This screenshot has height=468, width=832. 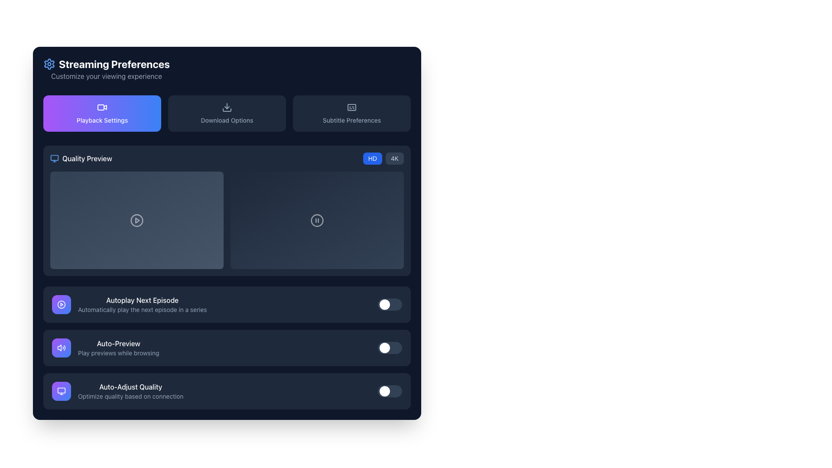 I want to click on the 'Download Options' button, which is a rectangular button with a dark background and a download icon, positioned centrally among three buttons in the 'Streaming Preferences' section, so click(x=227, y=113).